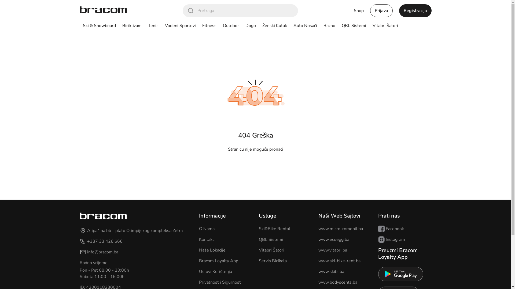  What do you see at coordinates (358, 10) in the screenshot?
I see `'Shop'` at bounding box center [358, 10].